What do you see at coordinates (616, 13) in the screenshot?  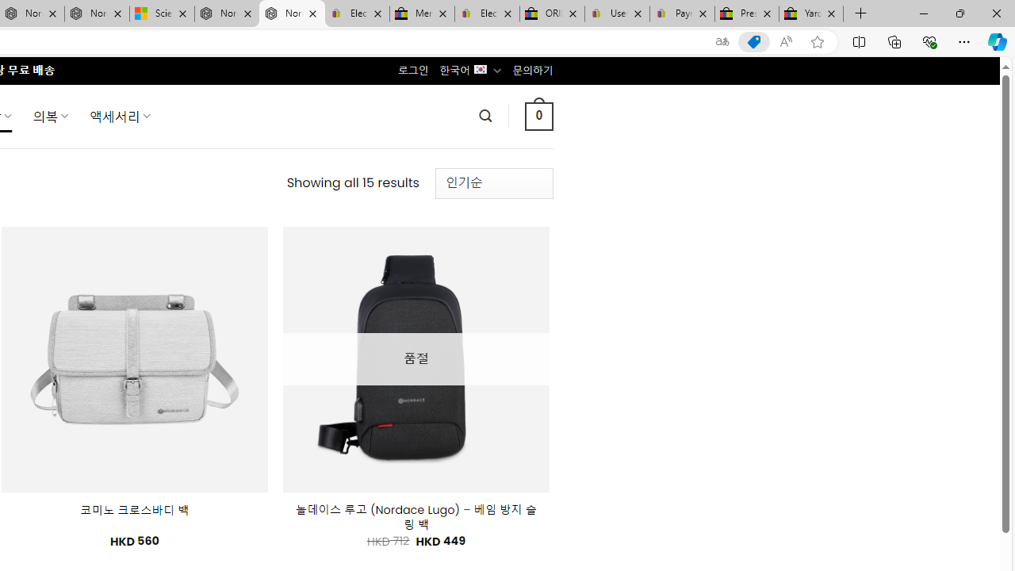 I see `'User Privacy Notice | eBay'` at bounding box center [616, 13].